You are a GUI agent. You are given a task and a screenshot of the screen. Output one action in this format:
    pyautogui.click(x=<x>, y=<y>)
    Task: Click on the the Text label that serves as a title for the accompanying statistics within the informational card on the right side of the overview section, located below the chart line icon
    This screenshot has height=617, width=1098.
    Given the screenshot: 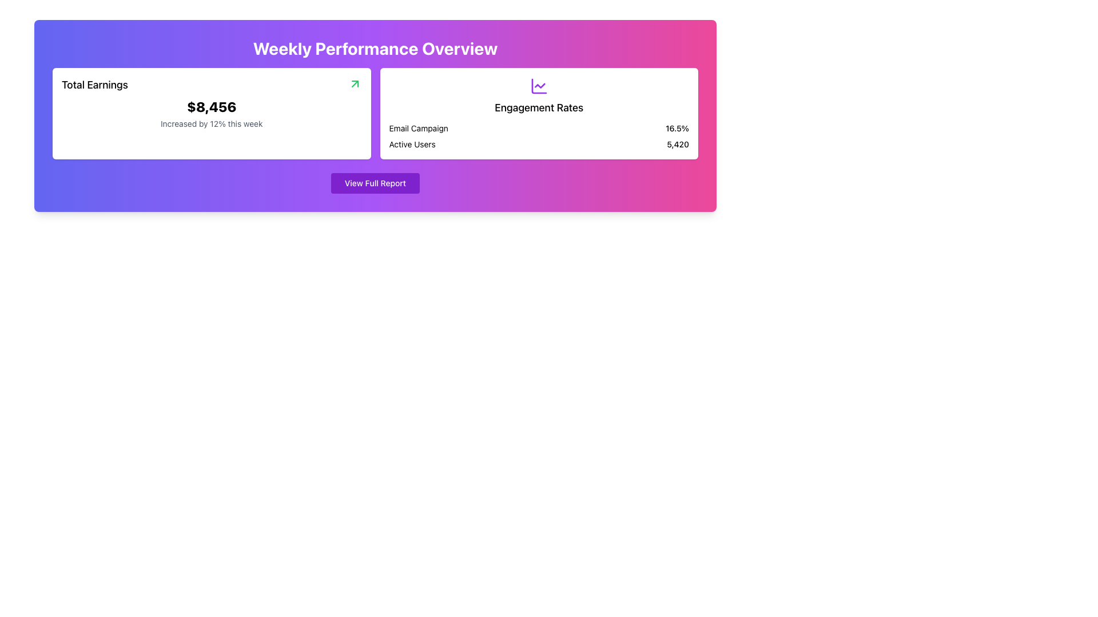 What is the action you would take?
    pyautogui.click(x=538, y=108)
    